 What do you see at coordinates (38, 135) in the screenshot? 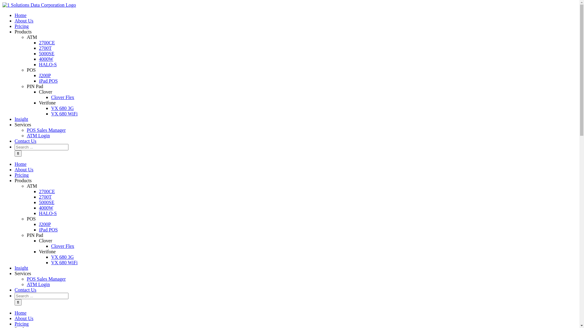
I see `'ATM Login'` at bounding box center [38, 135].